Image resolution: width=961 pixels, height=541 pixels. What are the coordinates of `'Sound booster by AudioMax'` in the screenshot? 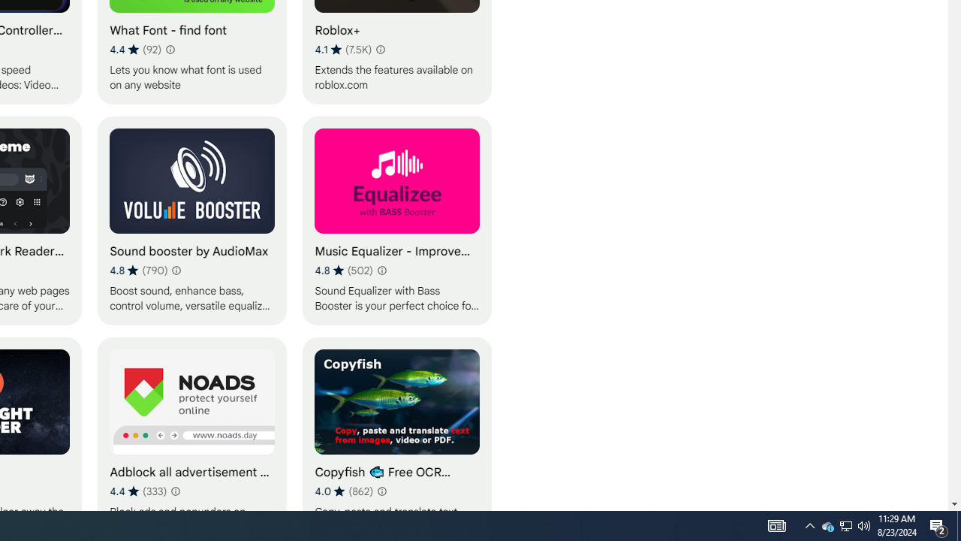 It's located at (191, 220).